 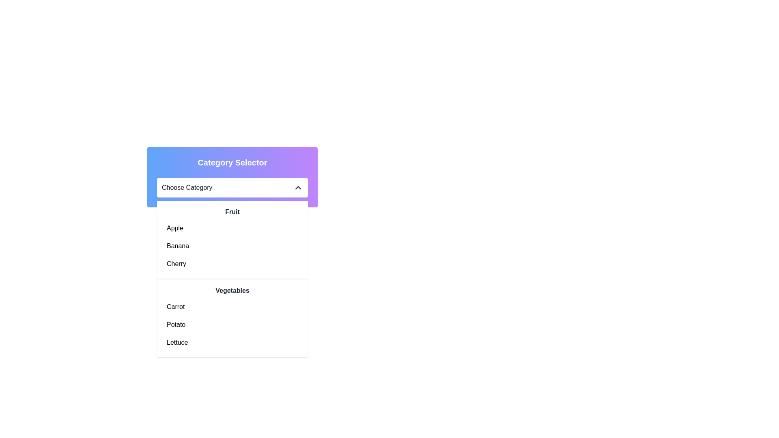 What do you see at coordinates (177, 342) in the screenshot?
I see `the 'Lettuce' label, which is the third item in the 'Vegetables' dropdown list, displayed in black font beneath the 'Vegetables' header` at bounding box center [177, 342].